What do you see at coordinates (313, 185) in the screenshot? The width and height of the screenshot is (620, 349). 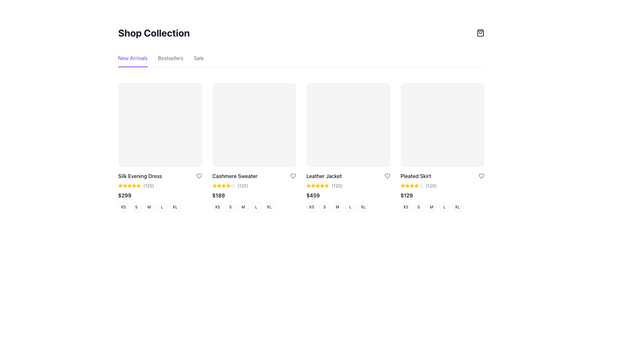 I see `the second star icon, which is yellow-filled and outlined, located under the item title 'Leather Jacket' in the shopping interface` at bounding box center [313, 185].